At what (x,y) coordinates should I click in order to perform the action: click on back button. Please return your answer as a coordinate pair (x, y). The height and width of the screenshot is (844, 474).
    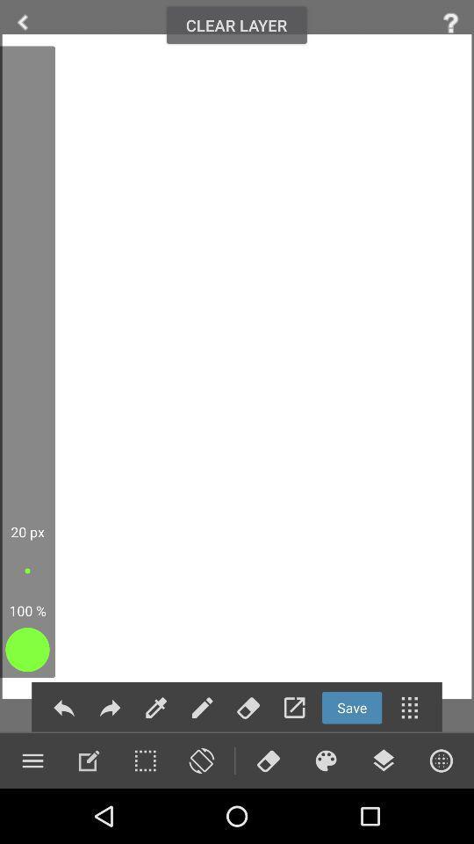
    Looking at the image, I should click on (63, 708).